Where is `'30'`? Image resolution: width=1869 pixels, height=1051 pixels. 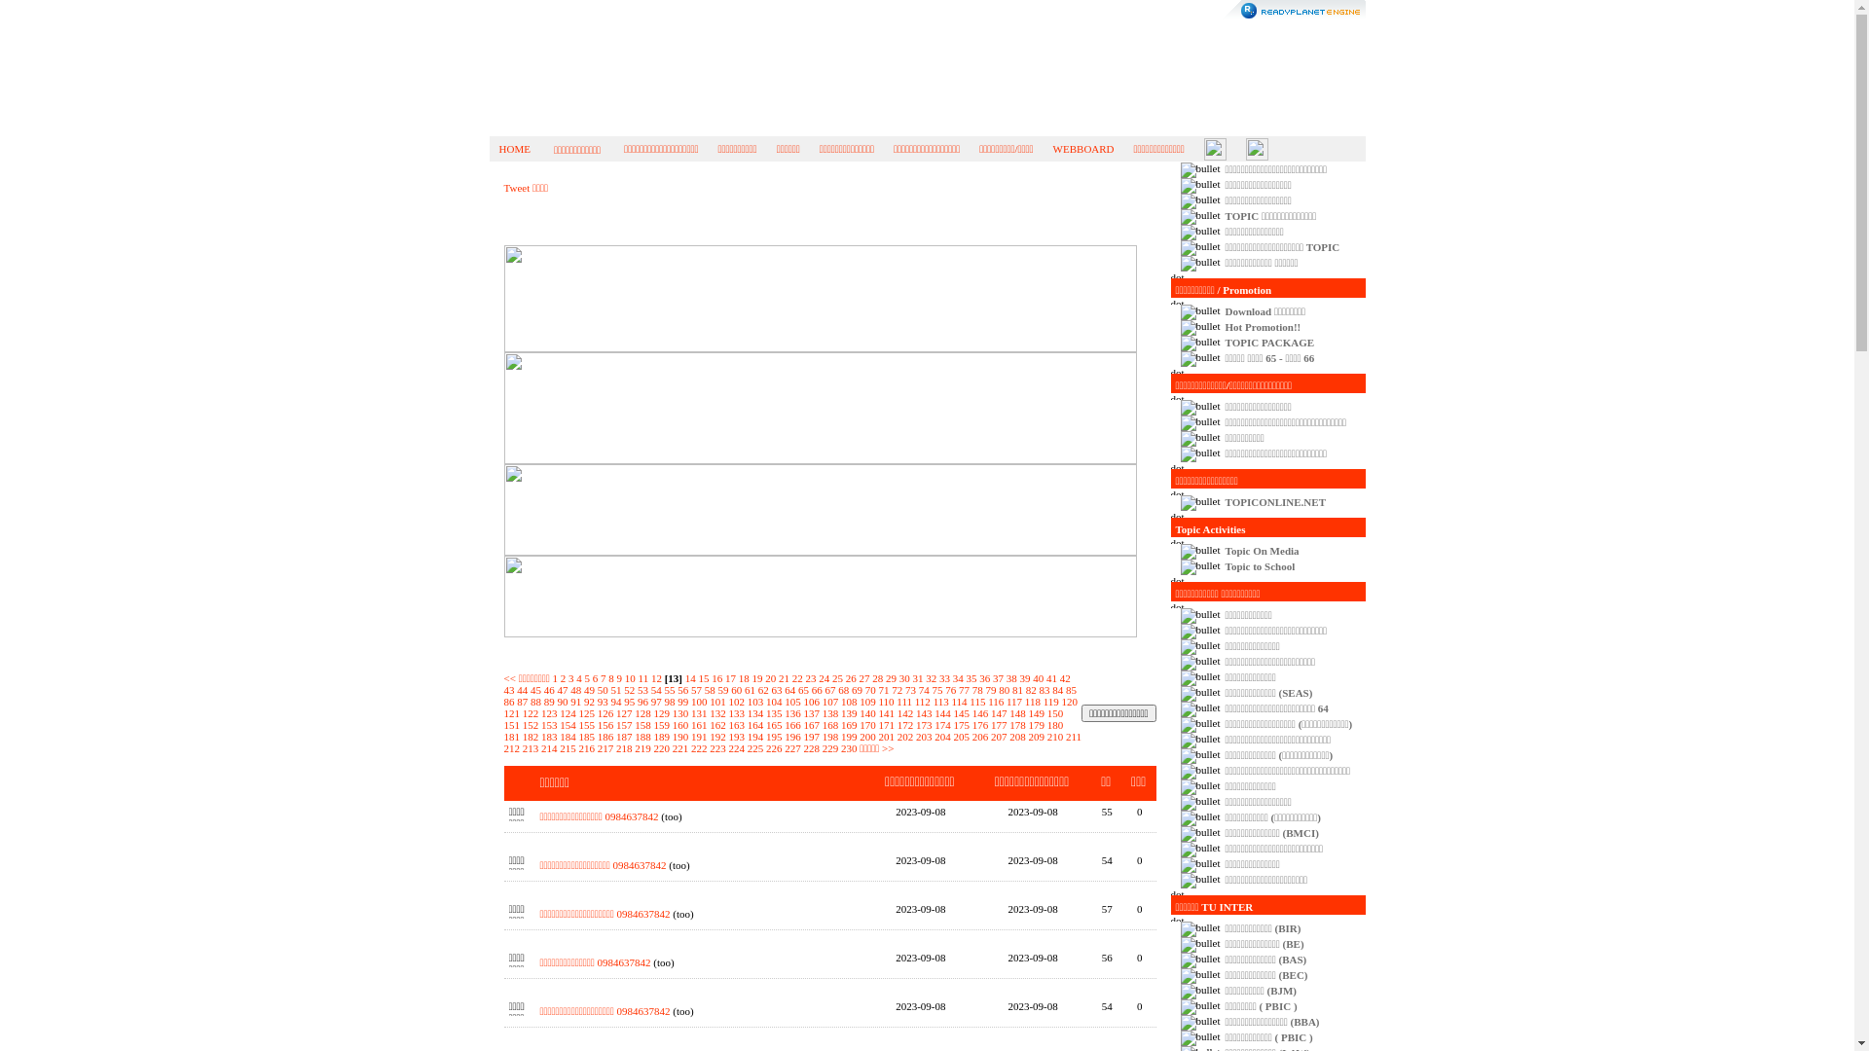 '30' is located at coordinates (903, 677).